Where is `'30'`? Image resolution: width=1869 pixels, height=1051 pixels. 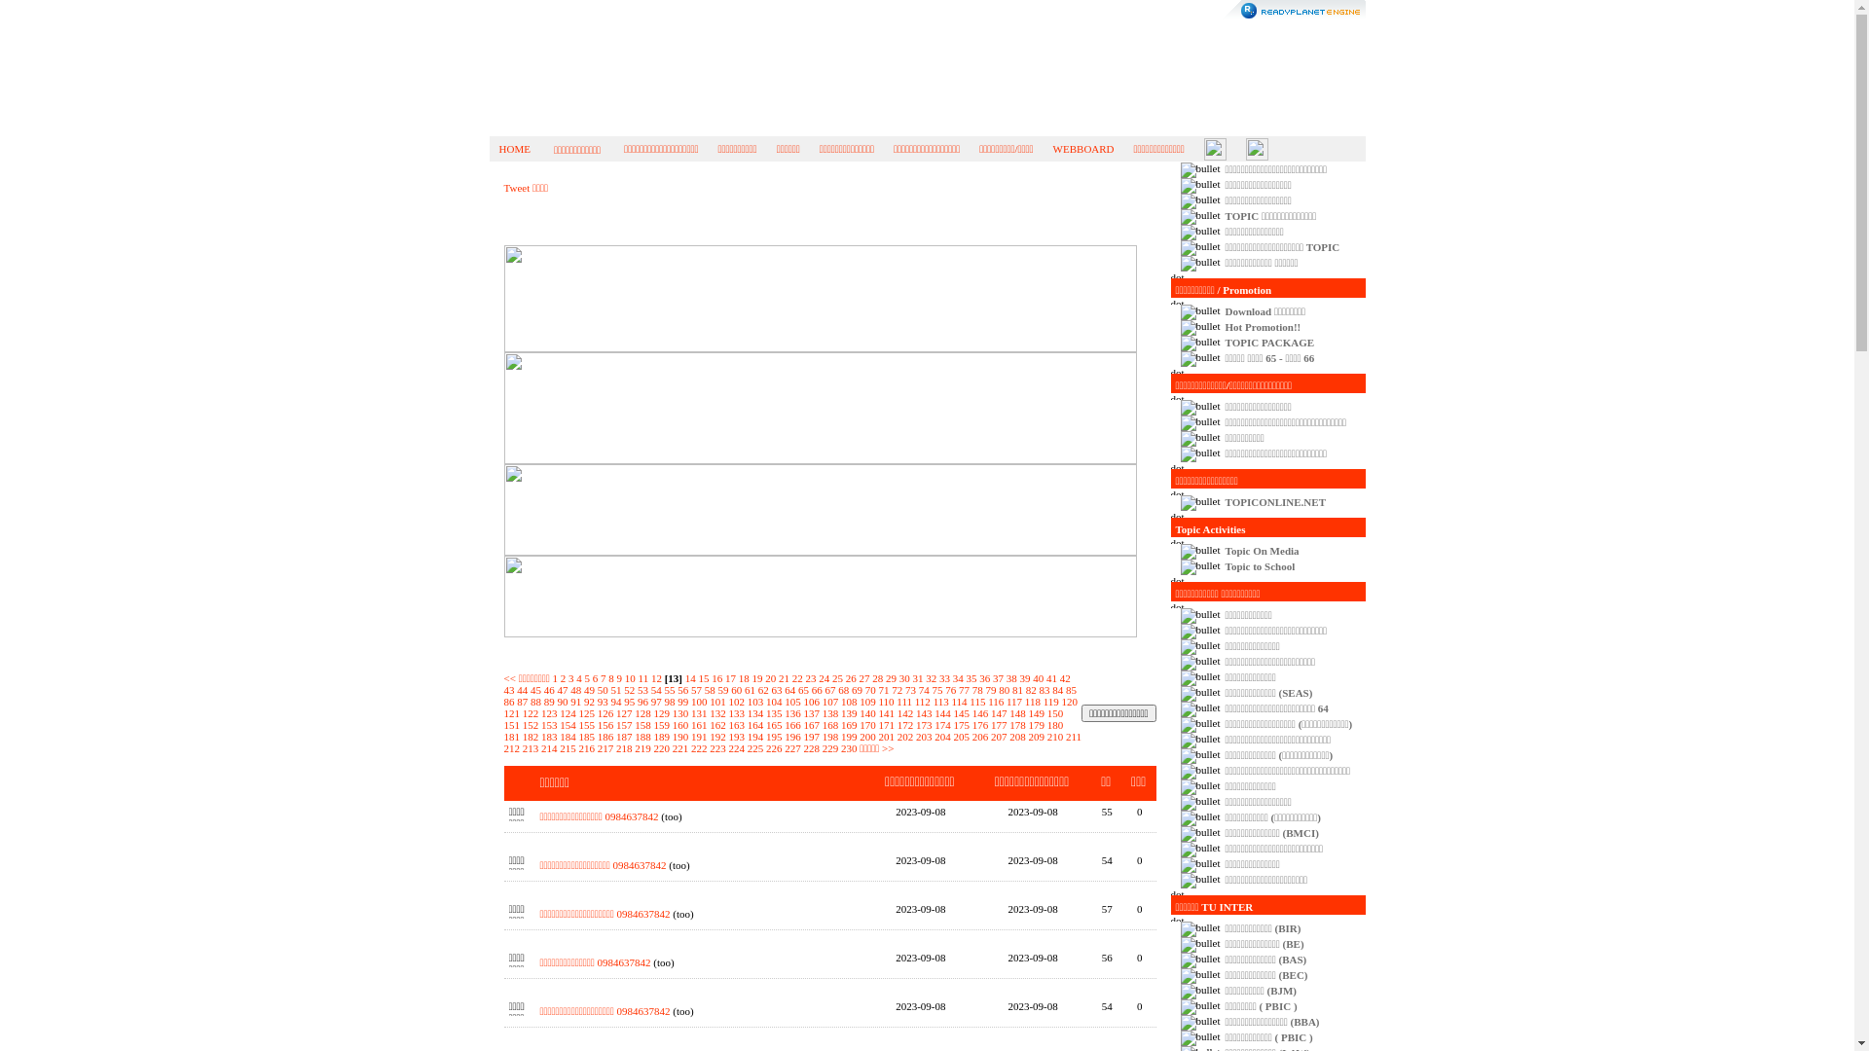 '30' is located at coordinates (903, 677).